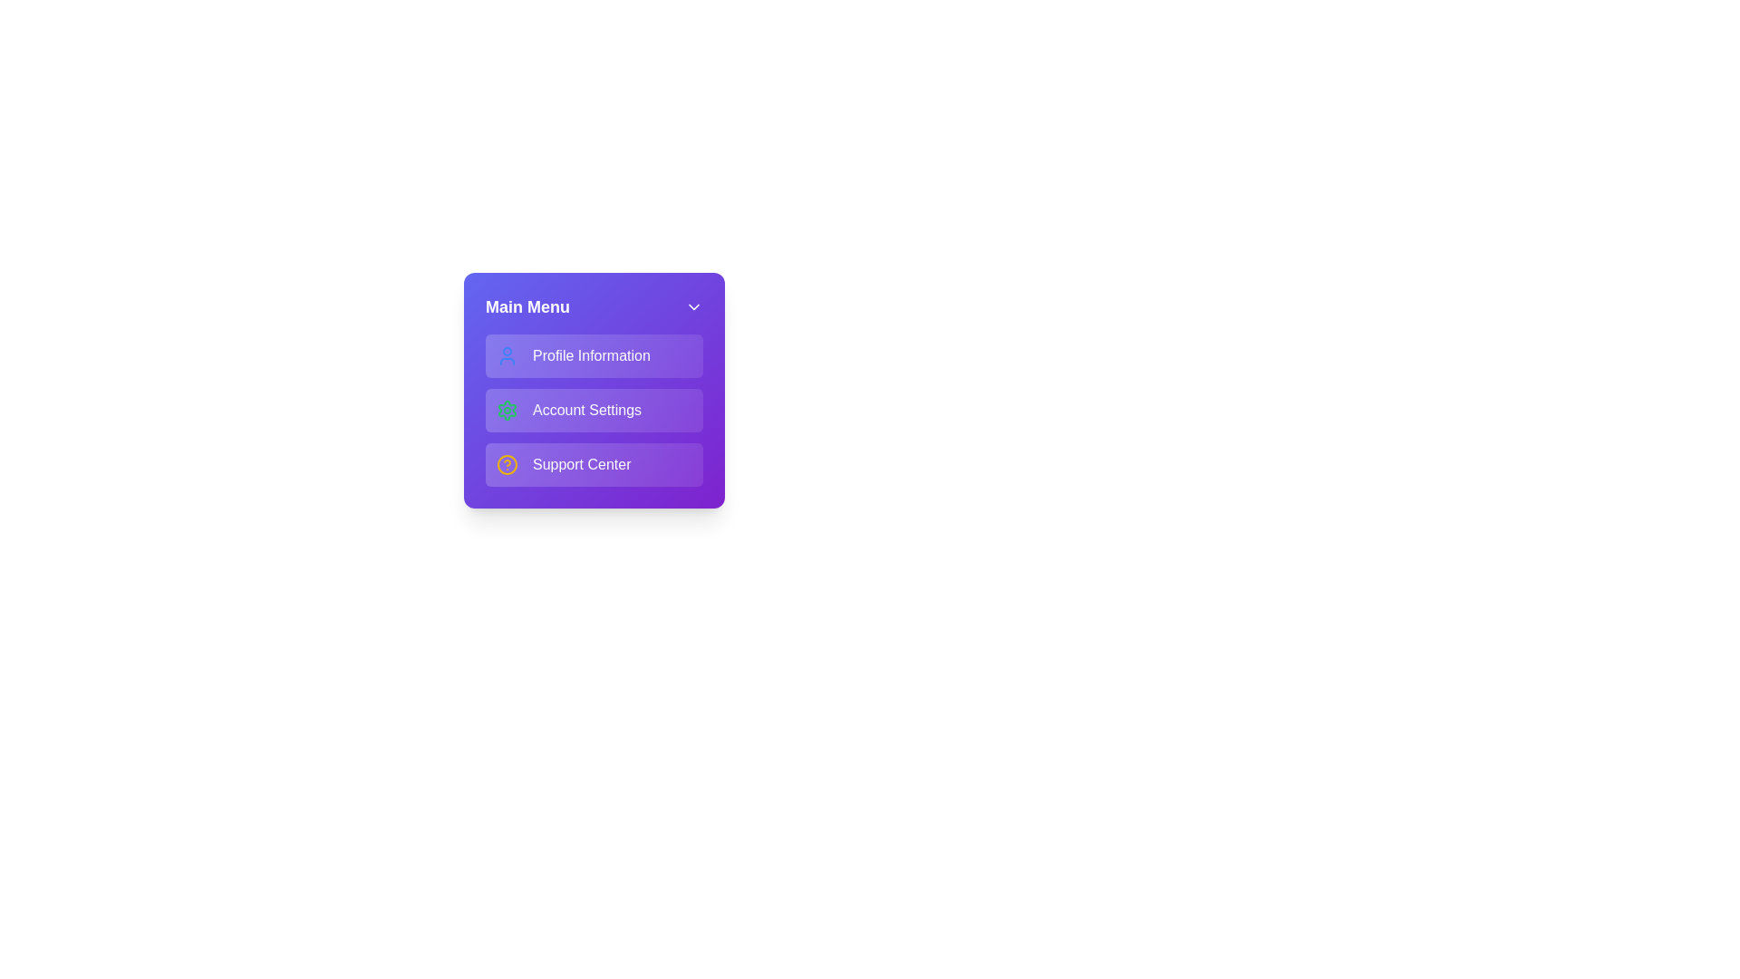 This screenshot has height=979, width=1740. What do you see at coordinates (693, 306) in the screenshot?
I see `chevron button to collapse the menu` at bounding box center [693, 306].